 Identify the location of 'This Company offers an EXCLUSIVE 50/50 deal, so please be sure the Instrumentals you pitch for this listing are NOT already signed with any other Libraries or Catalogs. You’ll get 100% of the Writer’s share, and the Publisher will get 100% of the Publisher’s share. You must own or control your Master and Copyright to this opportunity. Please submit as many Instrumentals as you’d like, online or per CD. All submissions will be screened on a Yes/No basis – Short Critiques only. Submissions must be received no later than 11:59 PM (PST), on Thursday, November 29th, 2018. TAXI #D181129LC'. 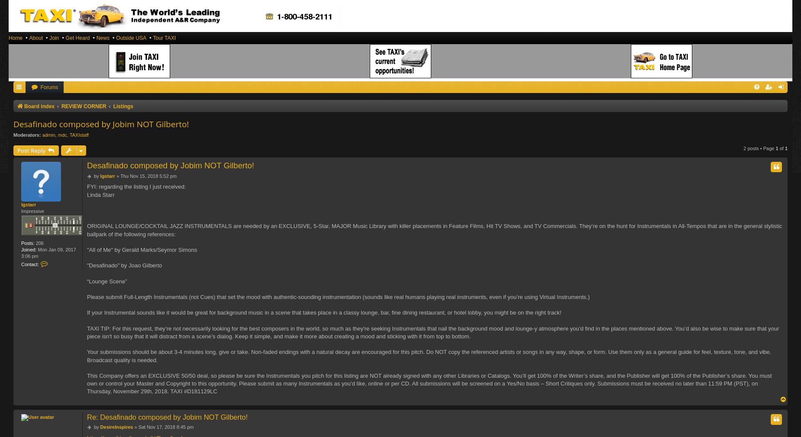
(429, 383).